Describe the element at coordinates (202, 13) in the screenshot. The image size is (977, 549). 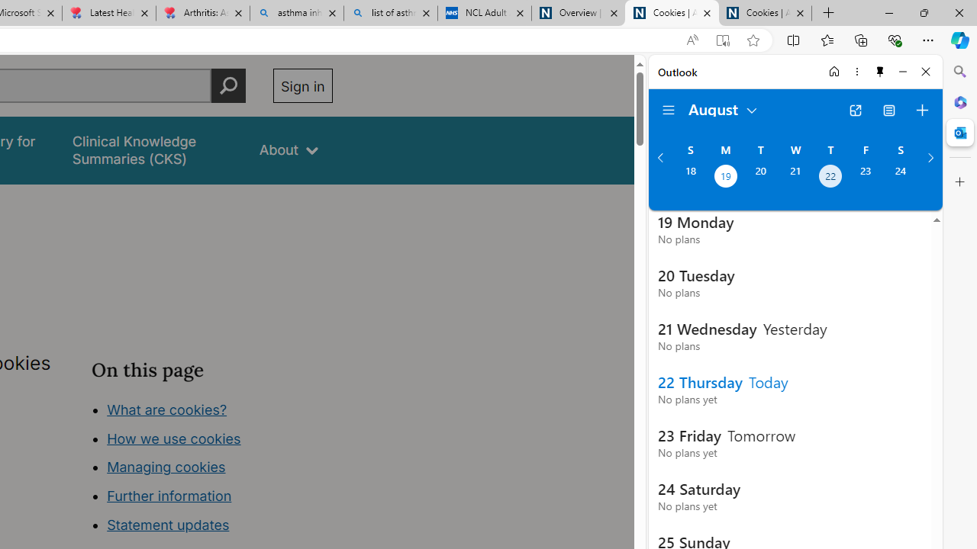
I see `'Arthritis: Ask Health Professionals'` at that location.